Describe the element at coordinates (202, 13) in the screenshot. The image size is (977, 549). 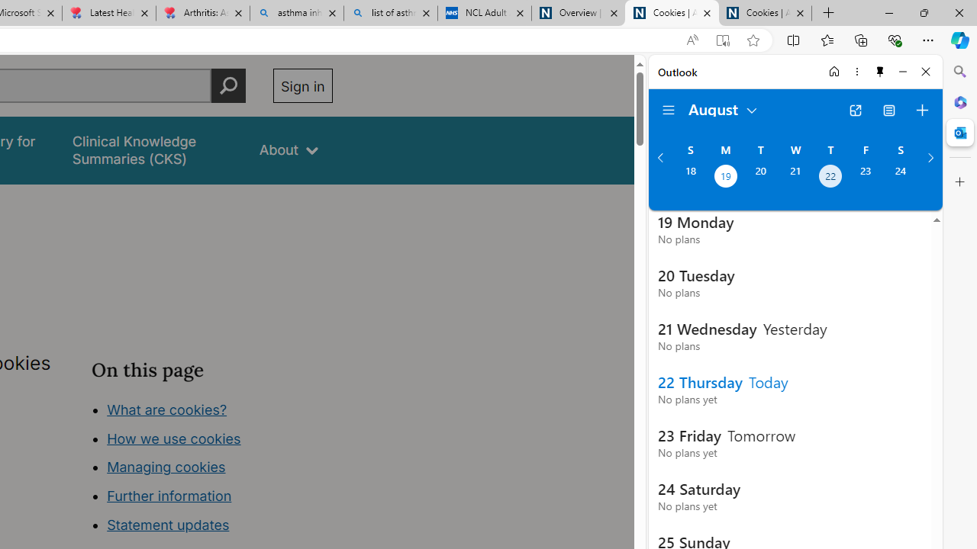
I see `'Arthritis: Ask Health Professionals'` at that location.